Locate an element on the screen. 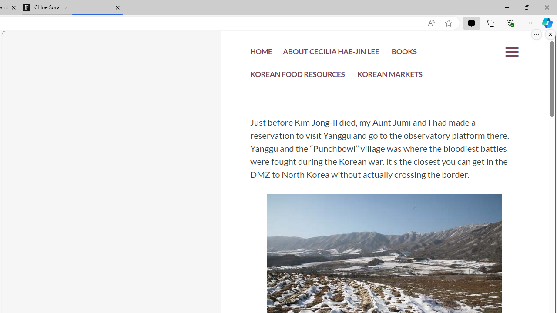 Image resolution: width=557 pixels, height=313 pixels. 'HOME' is located at coordinates (261, 54).